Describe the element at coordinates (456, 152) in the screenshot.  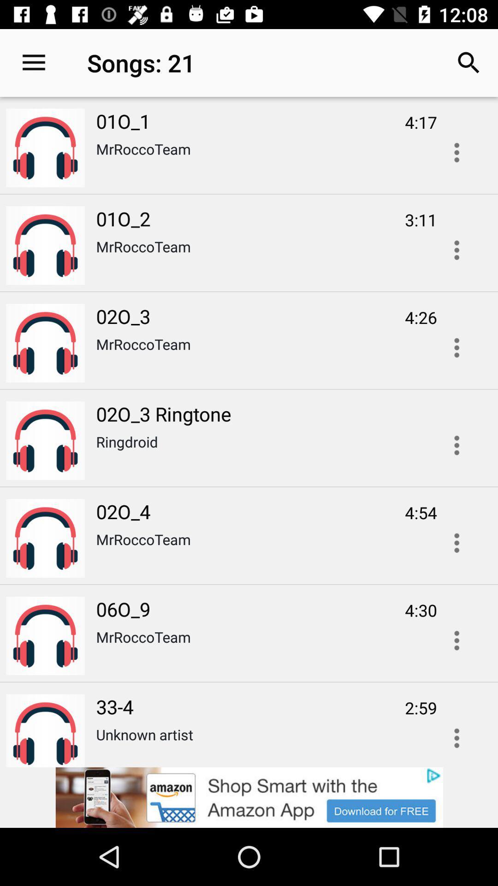
I see `open advertisement` at that location.